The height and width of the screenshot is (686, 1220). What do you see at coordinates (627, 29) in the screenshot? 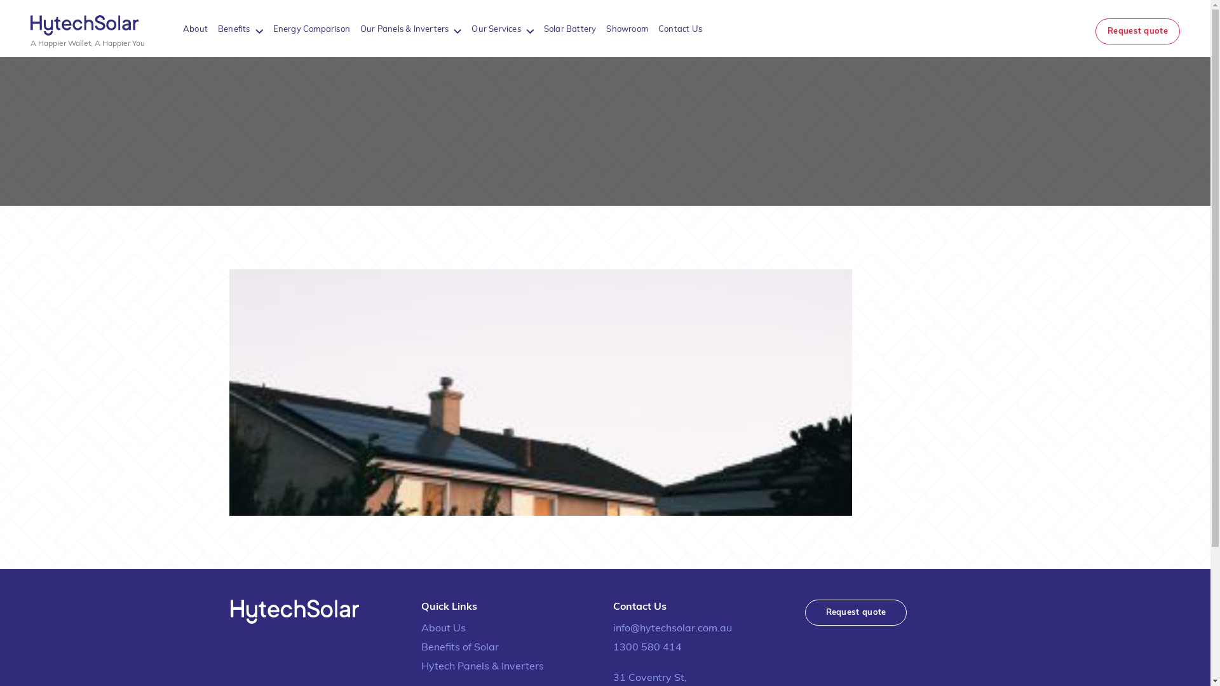
I see `'Showroom'` at bounding box center [627, 29].